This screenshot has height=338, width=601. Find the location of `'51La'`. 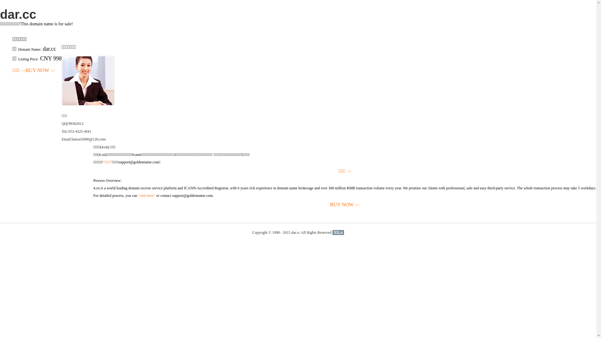

'51La' is located at coordinates (332, 233).